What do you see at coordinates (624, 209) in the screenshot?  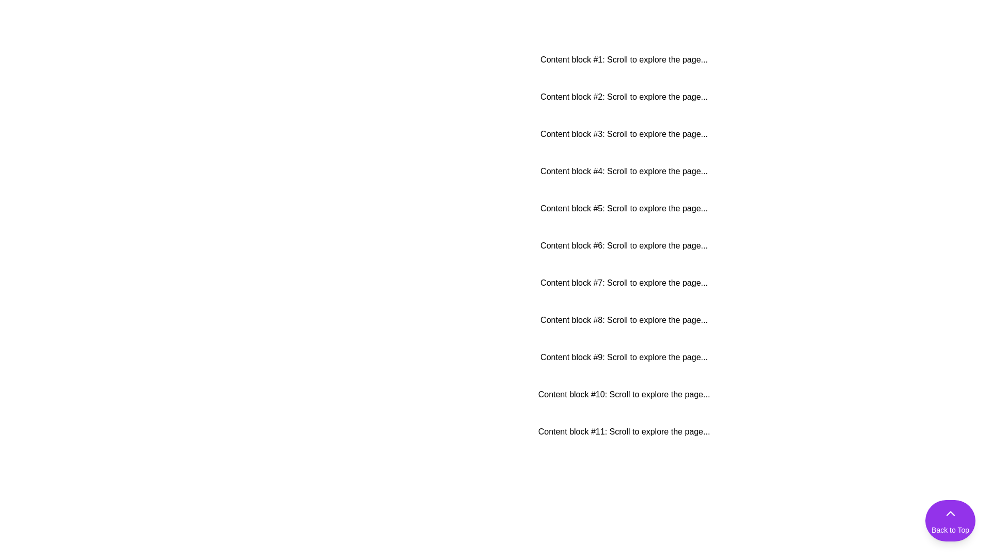 I see `the fifth static text element in a vertically aligned list that serves as a label guiding the user to scroll for more content` at bounding box center [624, 209].